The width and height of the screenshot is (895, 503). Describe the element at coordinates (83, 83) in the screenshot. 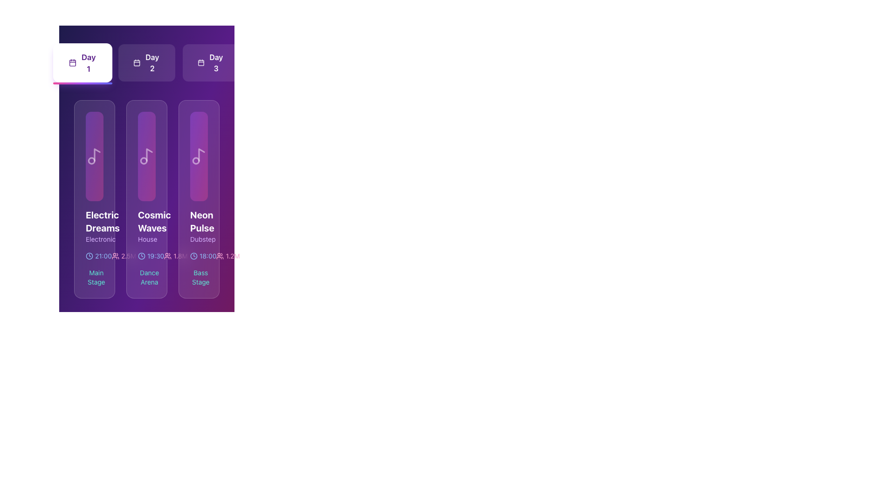

I see `the Decorative indicator bar located at the bottom of the card labeled 'Day 1', which features a gradient color scheme transitioning from pink to purple to indigo` at that location.